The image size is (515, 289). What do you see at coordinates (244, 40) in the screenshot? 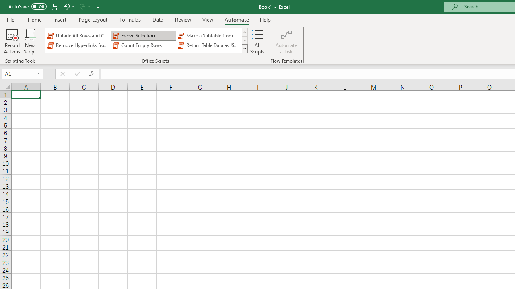
I see `'Row Down'` at bounding box center [244, 40].